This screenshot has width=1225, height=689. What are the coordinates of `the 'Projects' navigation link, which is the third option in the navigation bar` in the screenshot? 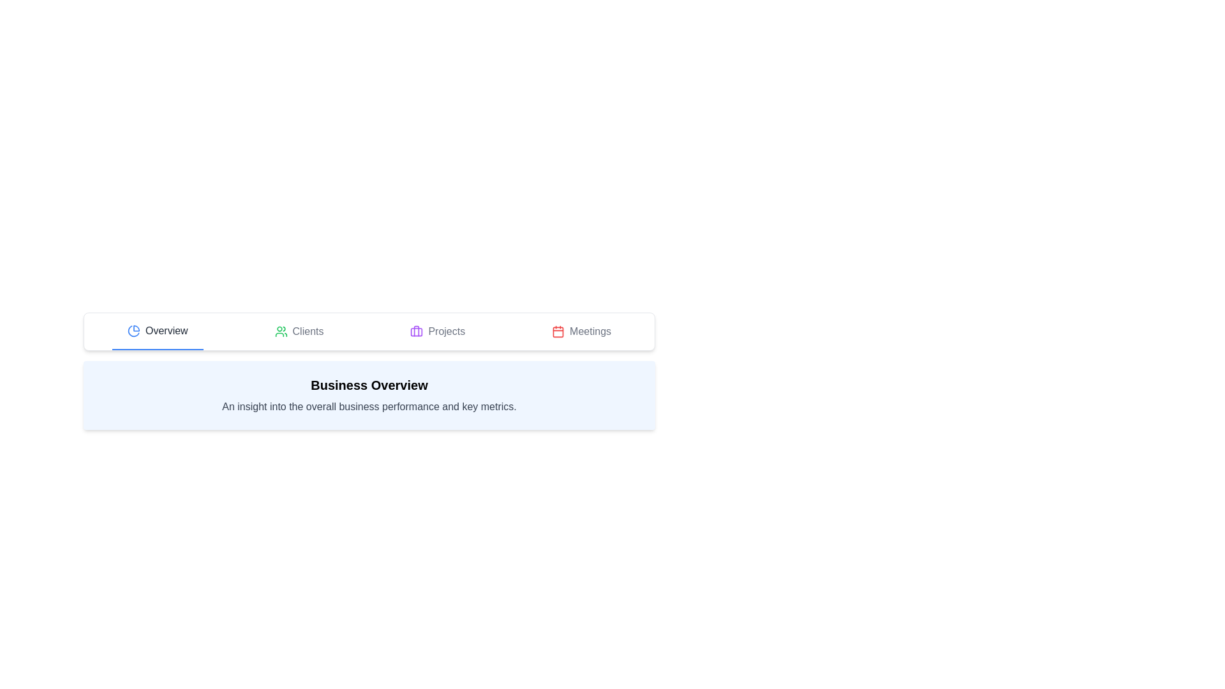 It's located at (438, 331).